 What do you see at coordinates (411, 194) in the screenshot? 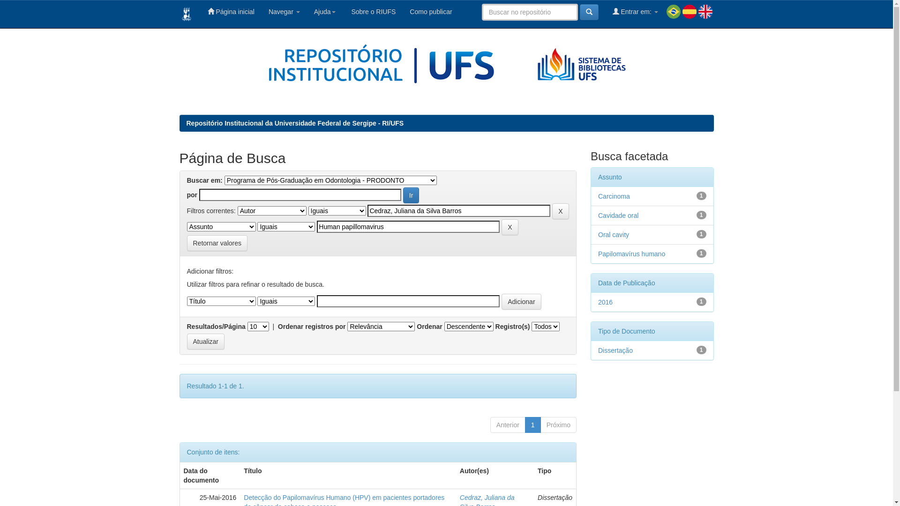
I see `'Ir'` at bounding box center [411, 194].